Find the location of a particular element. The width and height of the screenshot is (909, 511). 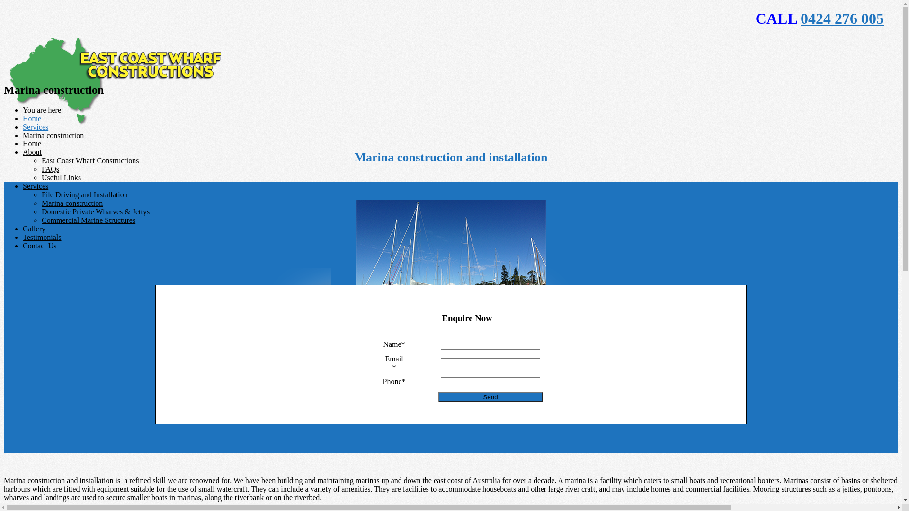

'Gallery' is located at coordinates (34, 229).